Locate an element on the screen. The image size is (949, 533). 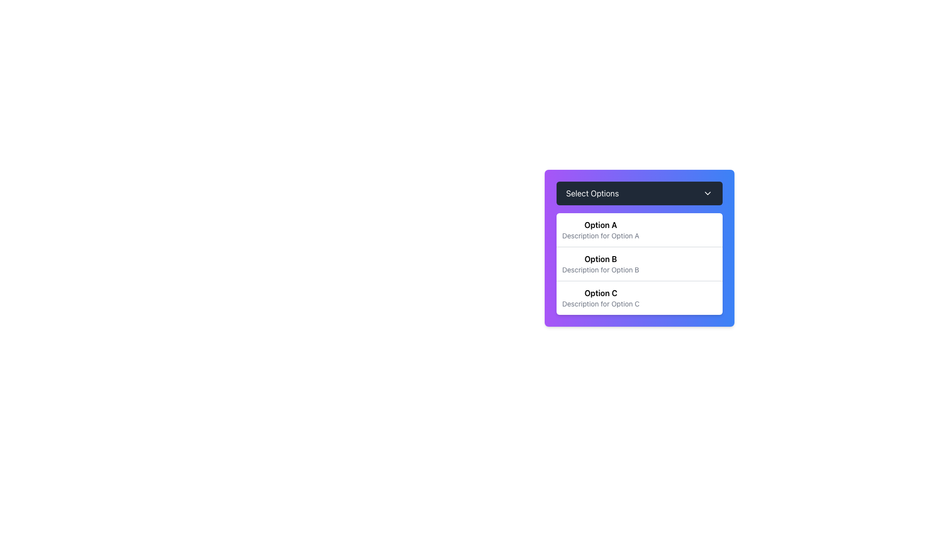
the Text label located directly beneath 'Option B' in the dropdown menu is located at coordinates (600, 270).